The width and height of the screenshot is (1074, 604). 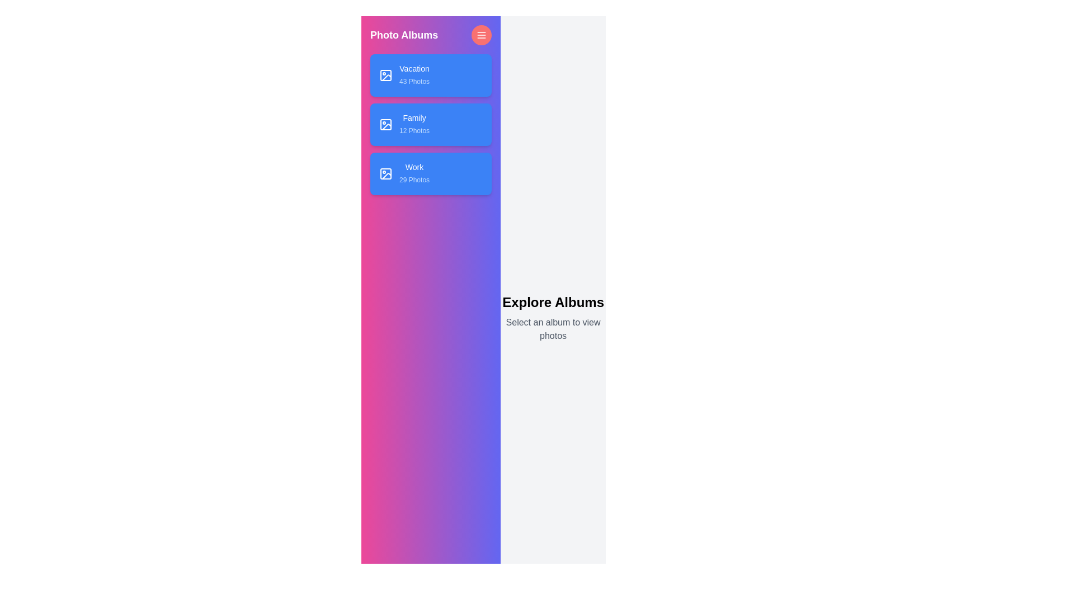 What do you see at coordinates (430, 125) in the screenshot?
I see `the album named Family` at bounding box center [430, 125].